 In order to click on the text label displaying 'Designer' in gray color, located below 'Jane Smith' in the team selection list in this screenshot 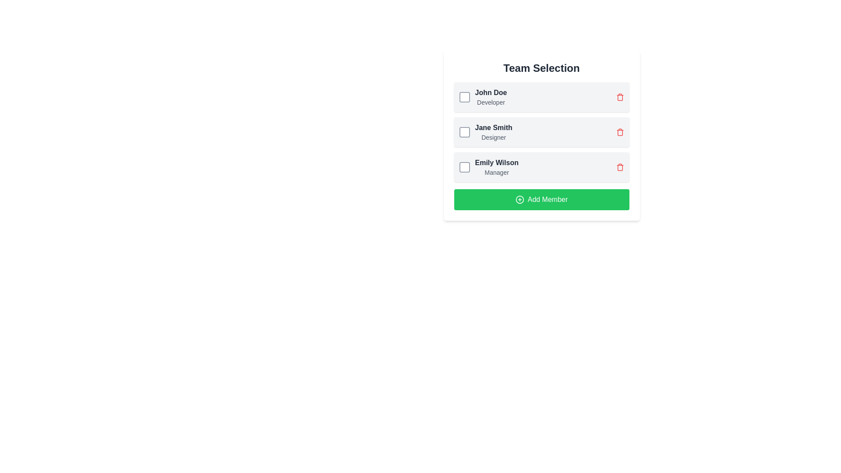, I will do `click(494, 137)`.